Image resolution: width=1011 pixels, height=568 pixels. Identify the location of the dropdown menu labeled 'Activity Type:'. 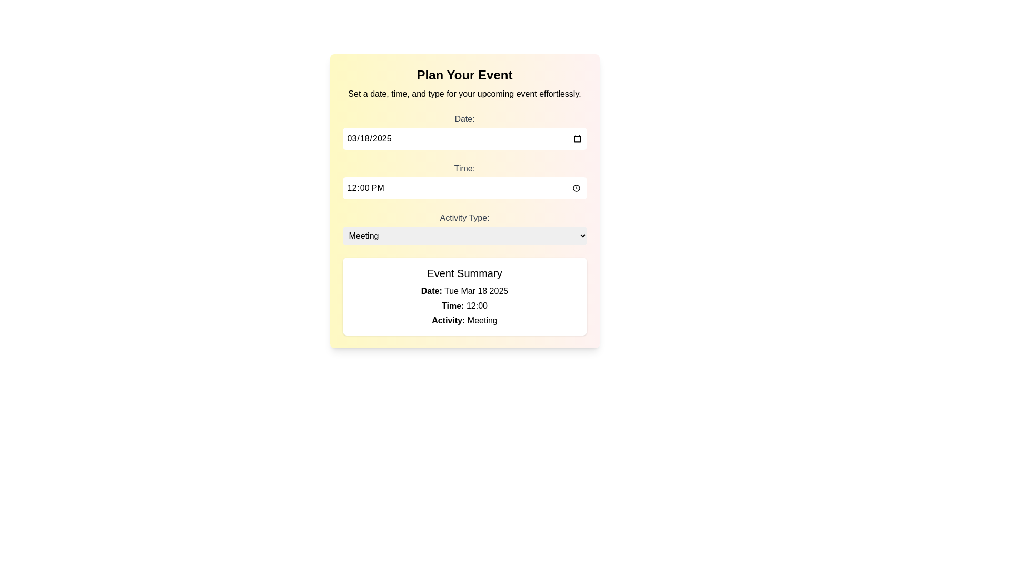
(464, 228).